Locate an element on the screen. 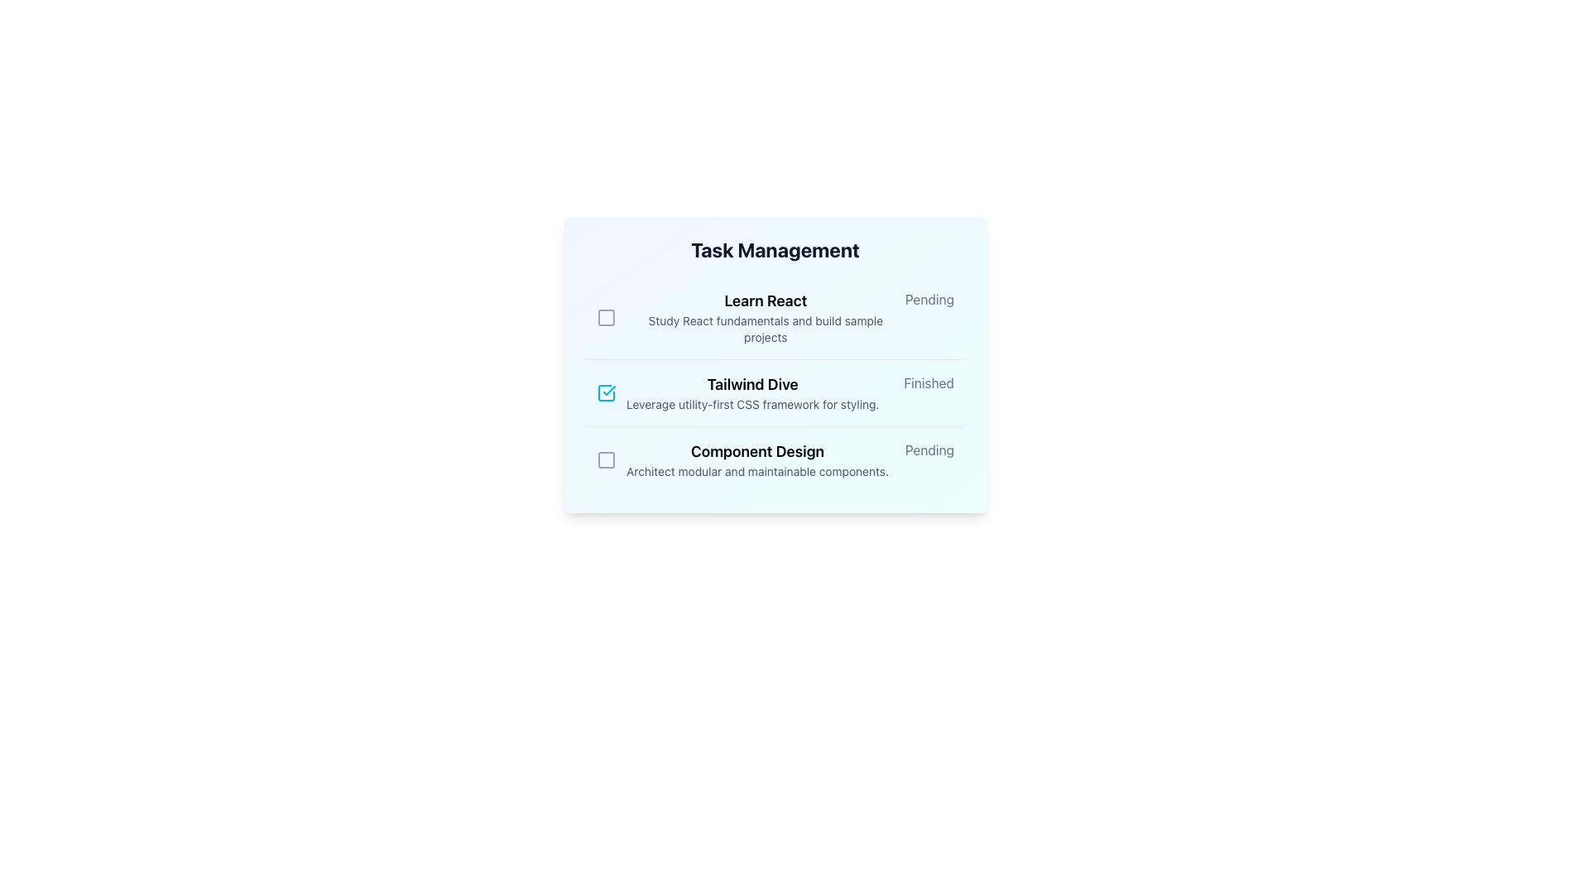  the checkbox indicator located to the left of the 'Learn React' task description is located at coordinates (605, 318).